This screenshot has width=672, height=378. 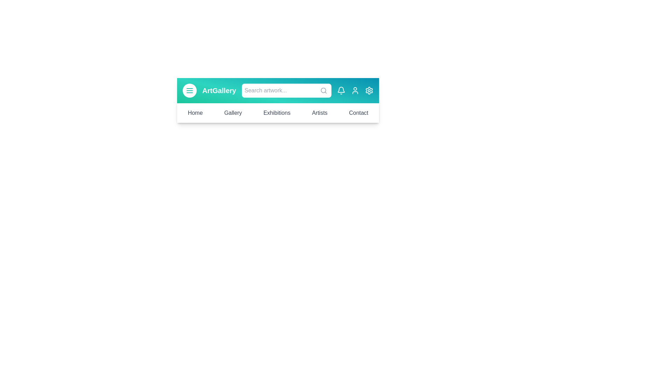 I want to click on the settings icon to access user settings, so click(x=369, y=90).